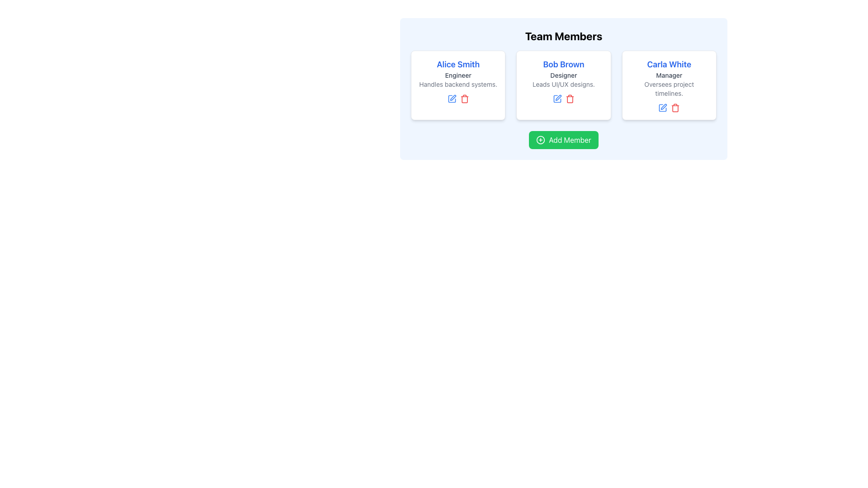  Describe the element at coordinates (669, 108) in the screenshot. I see `the interactive action icons group below the text describing Carla White's role and job description` at that location.